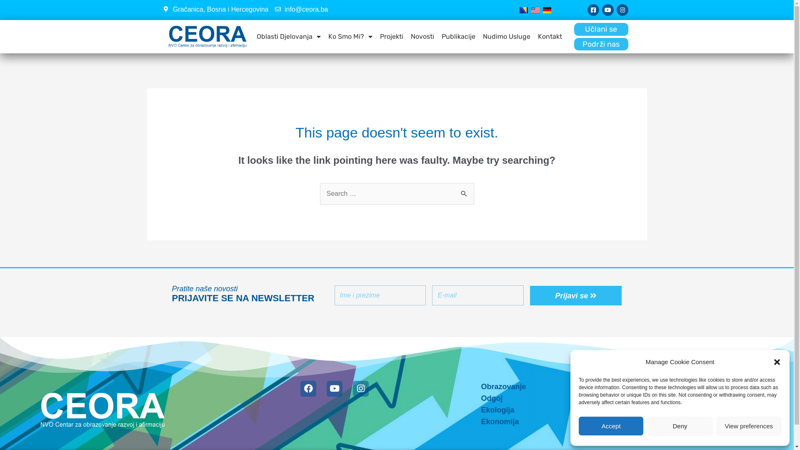  What do you see at coordinates (680, 426) in the screenshot?
I see `'Deny'` at bounding box center [680, 426].